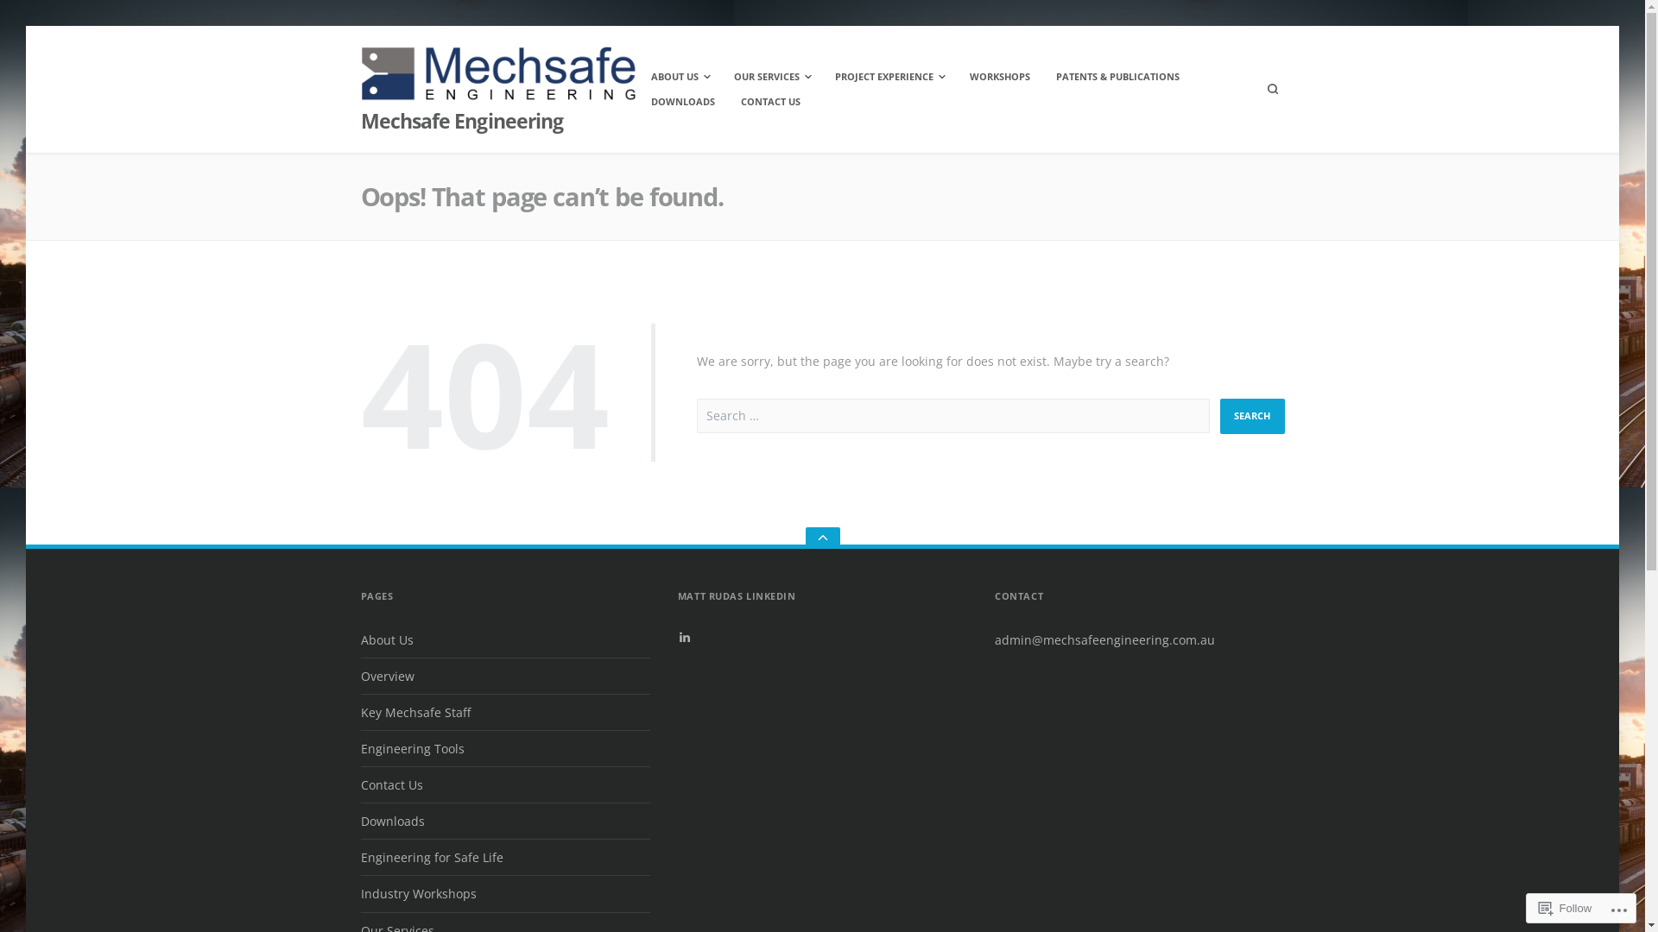 The image size is (1658, 932). What do you see at coordinates (387, 675) in the screenshot?
I see `'Overview'` at bounding box center [387, 675].